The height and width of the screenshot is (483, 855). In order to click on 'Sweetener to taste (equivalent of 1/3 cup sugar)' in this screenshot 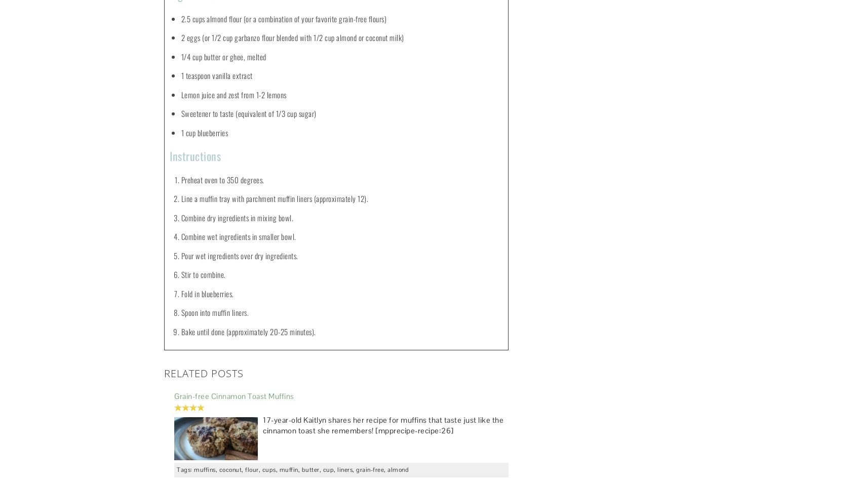, I will do `click(248, 112)`.